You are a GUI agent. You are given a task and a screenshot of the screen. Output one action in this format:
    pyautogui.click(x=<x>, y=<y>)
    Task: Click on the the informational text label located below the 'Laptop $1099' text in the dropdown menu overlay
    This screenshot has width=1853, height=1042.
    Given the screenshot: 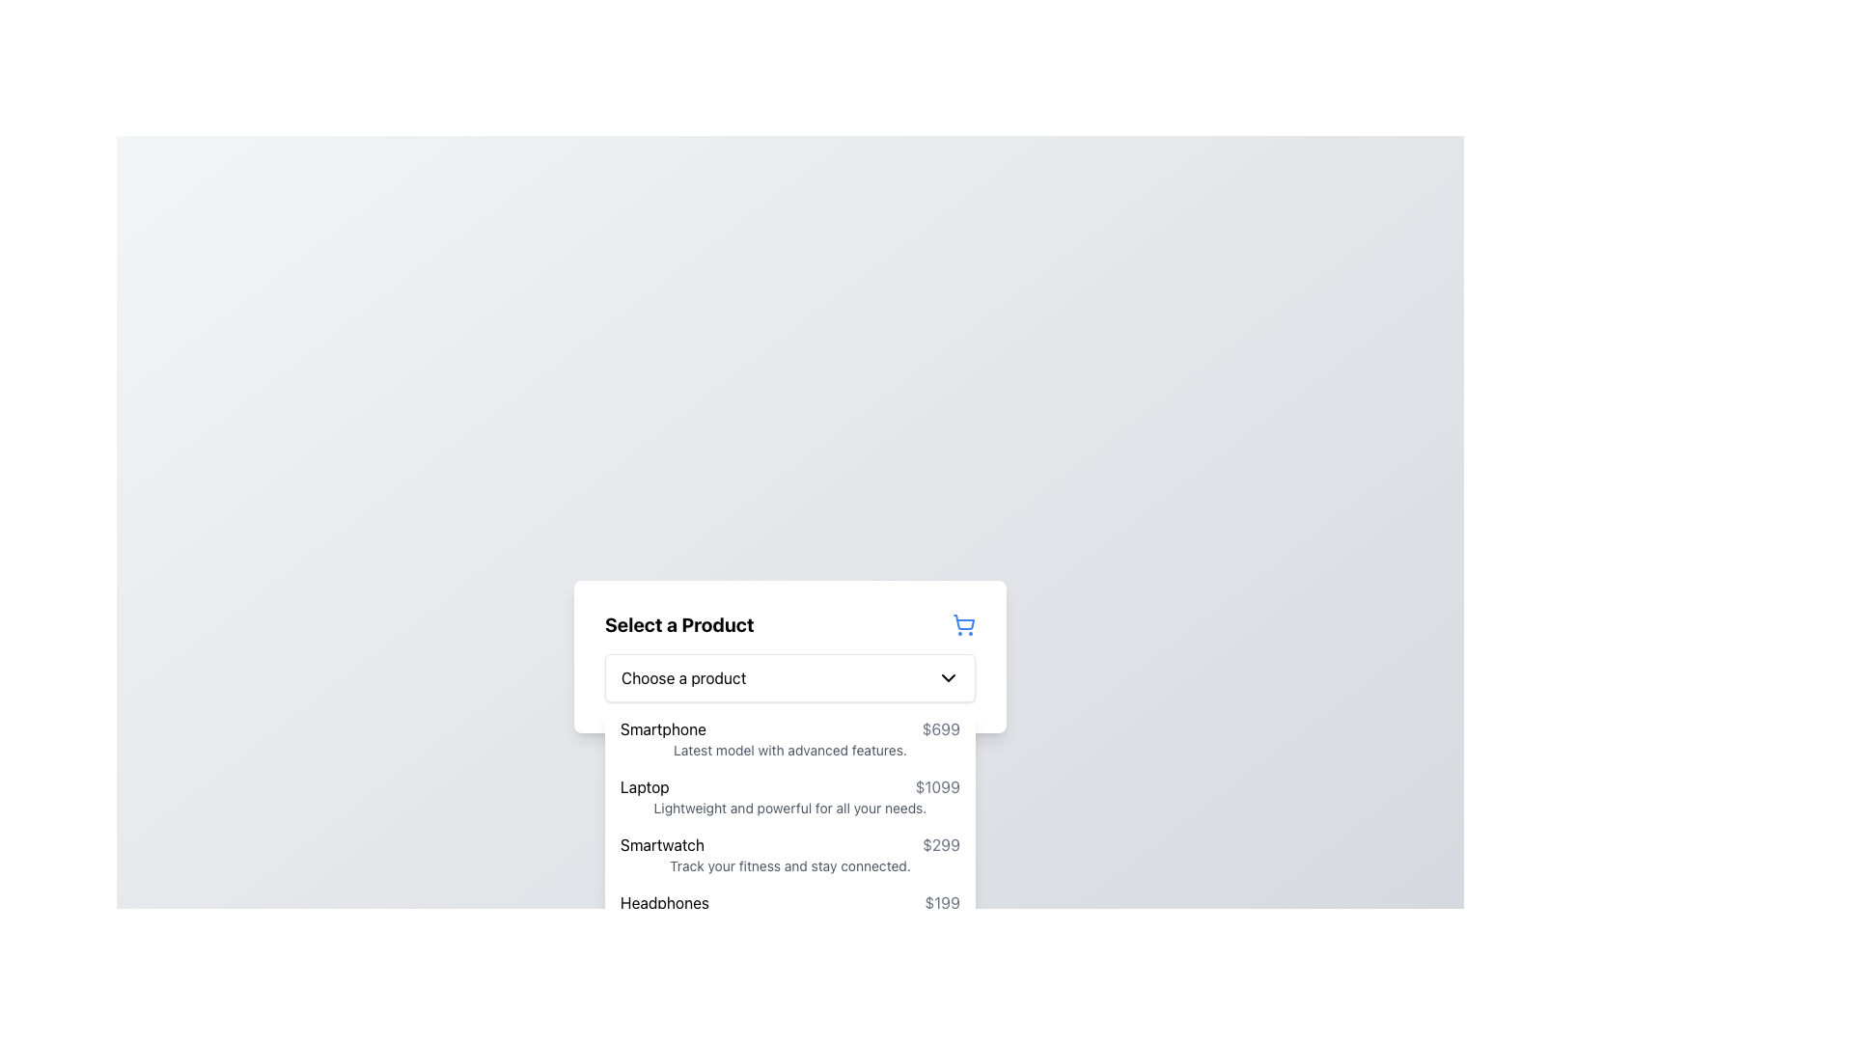 What is the action you would take?
    pyautogui.click(x=790, y=808)
    